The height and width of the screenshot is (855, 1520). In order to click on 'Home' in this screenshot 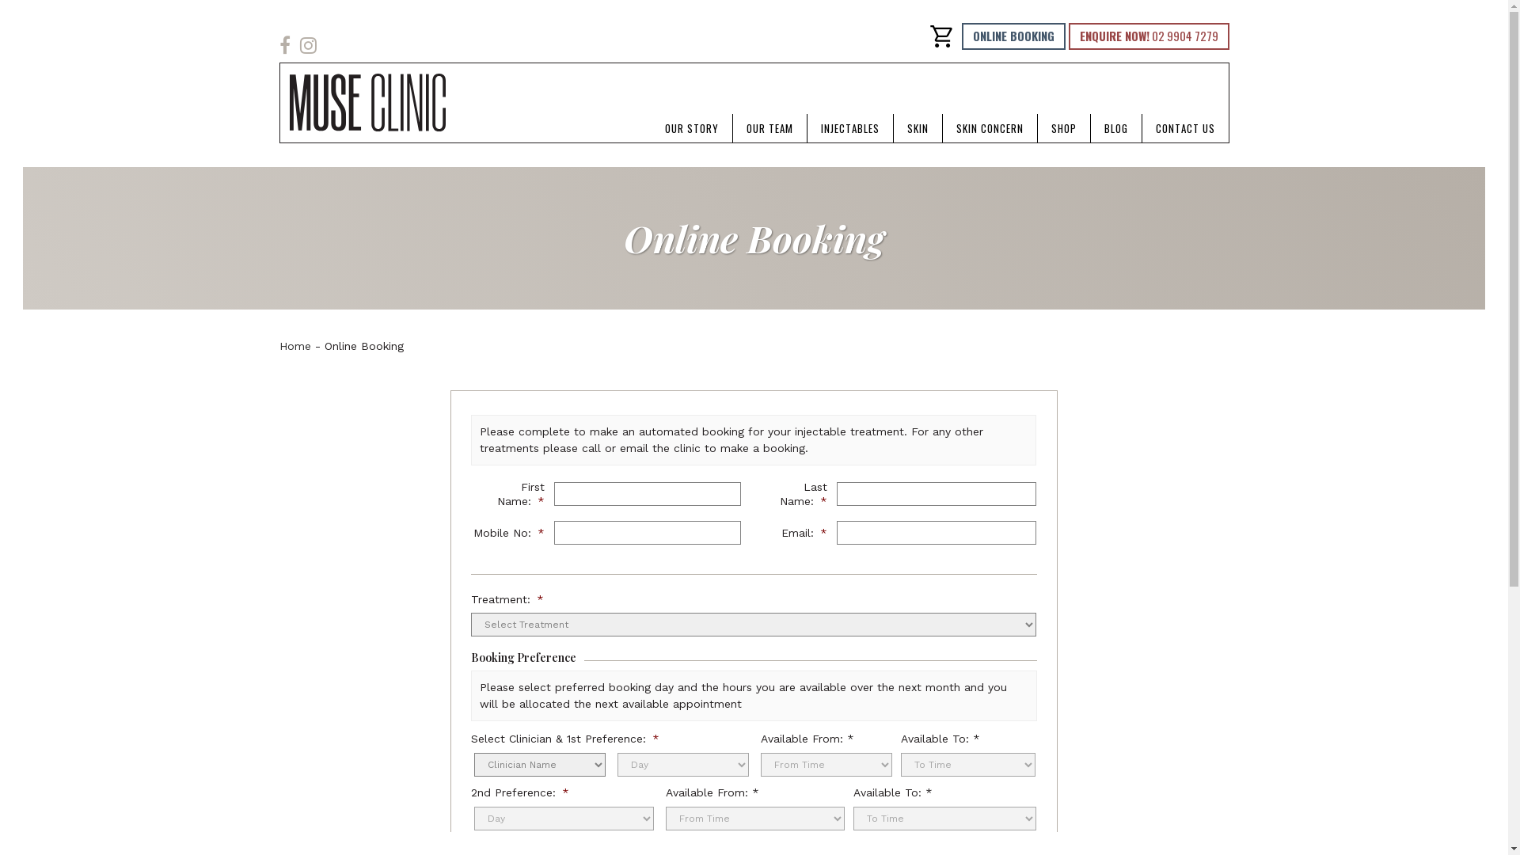, I will do `click(294, 344)`.